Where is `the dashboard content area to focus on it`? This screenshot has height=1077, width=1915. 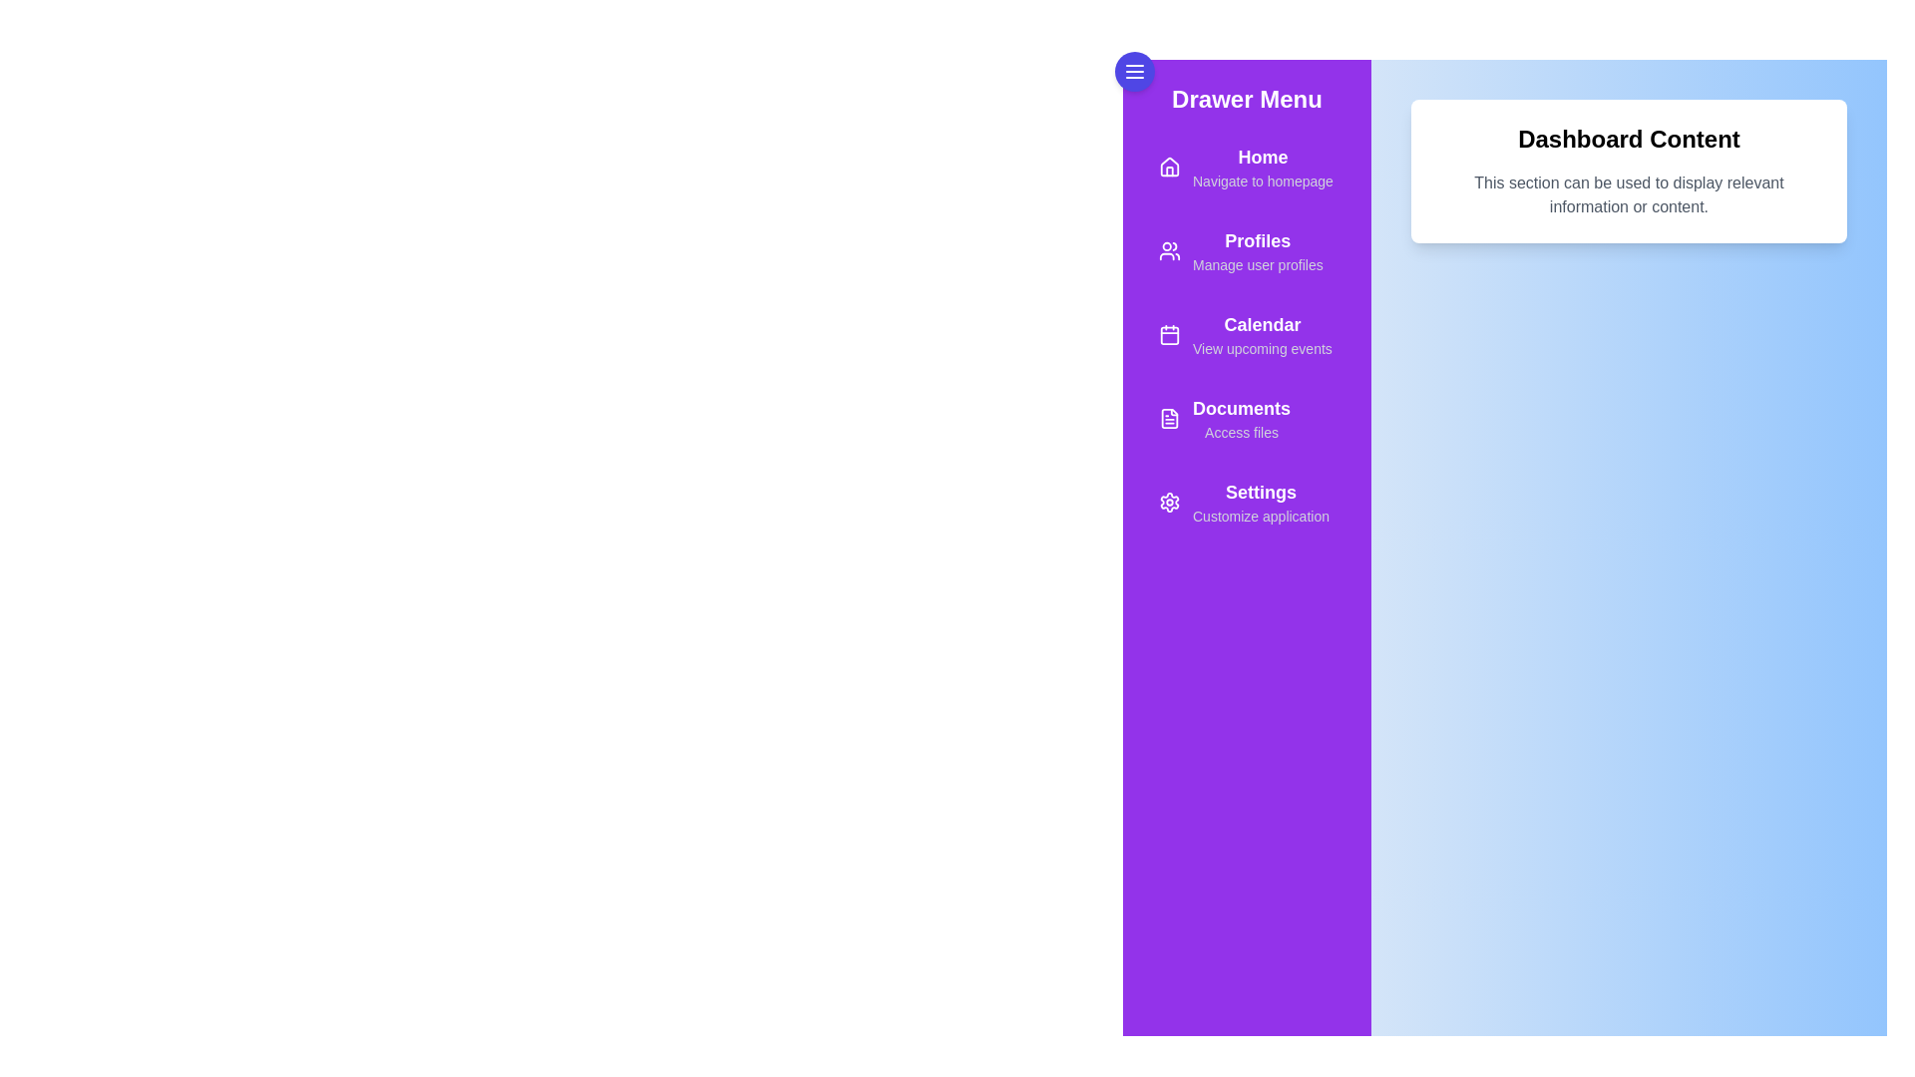
the dashboard content area to focus on it is located at coordinates (1628, 597).